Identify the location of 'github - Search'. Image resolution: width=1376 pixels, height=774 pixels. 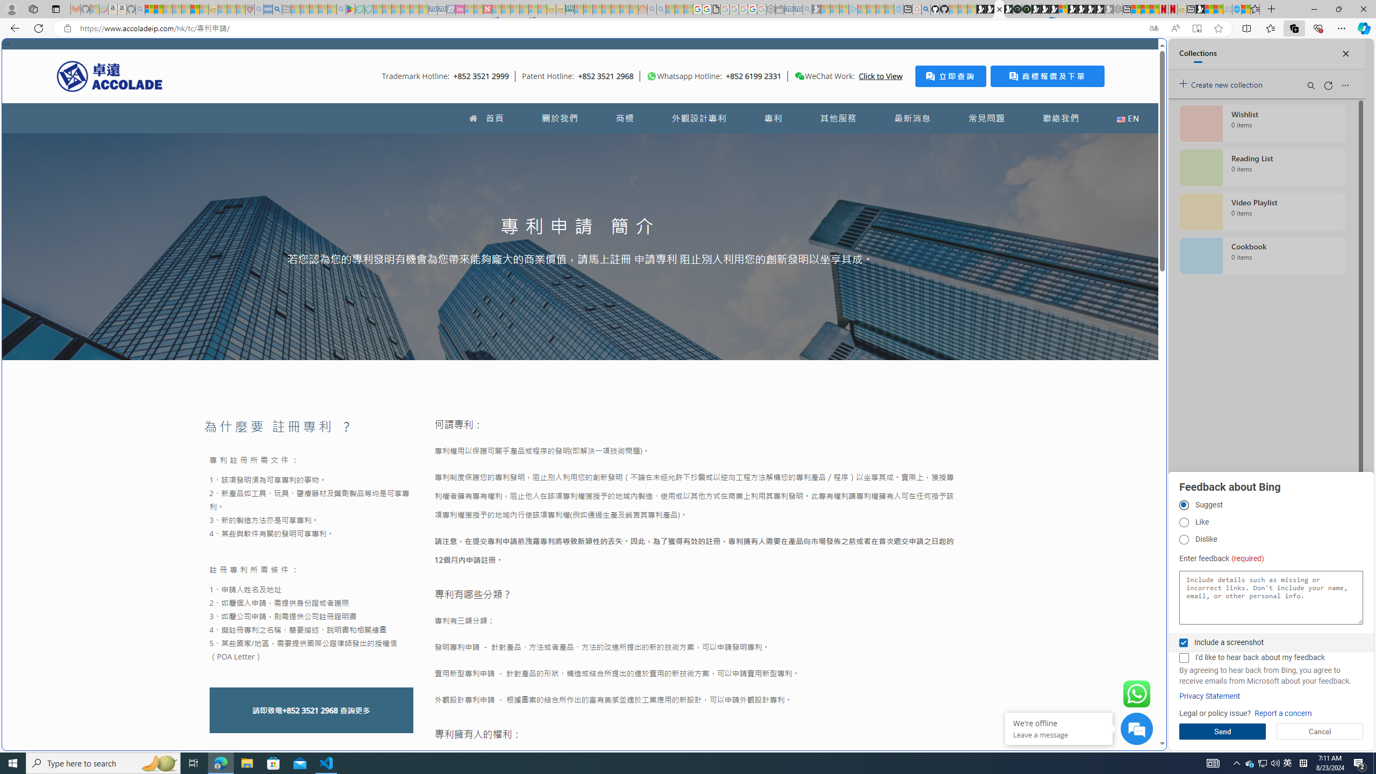
(925, 9).